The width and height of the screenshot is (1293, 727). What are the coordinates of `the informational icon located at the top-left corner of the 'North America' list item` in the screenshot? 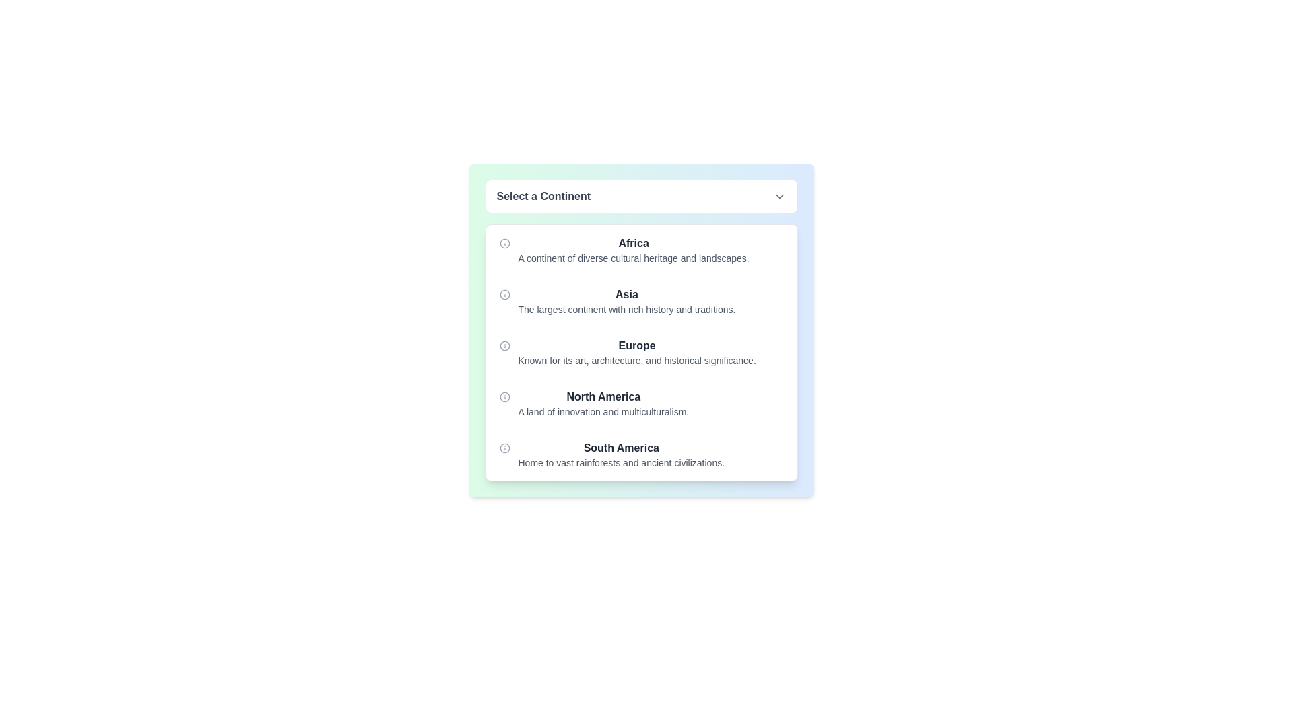 It's located at (504, 396).